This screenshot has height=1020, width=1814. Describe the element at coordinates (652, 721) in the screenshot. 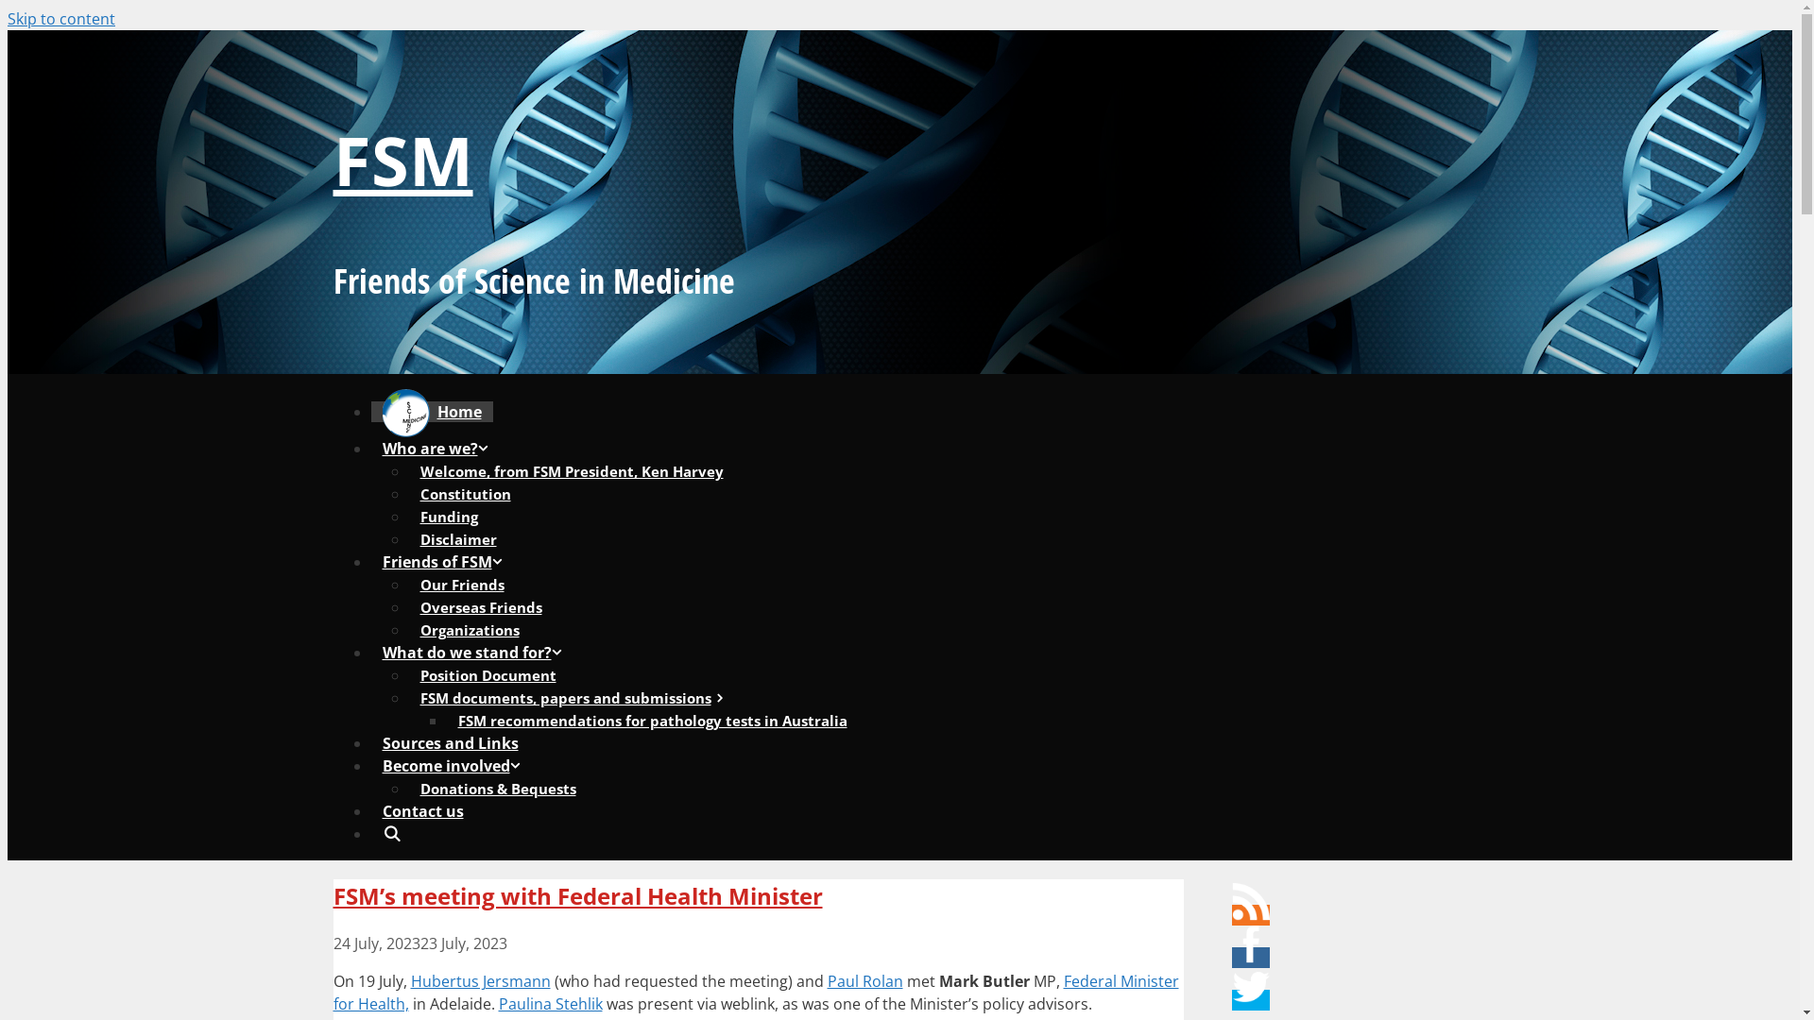

I see `'FSM recommendations for pathology tests in Australia'` at that location.